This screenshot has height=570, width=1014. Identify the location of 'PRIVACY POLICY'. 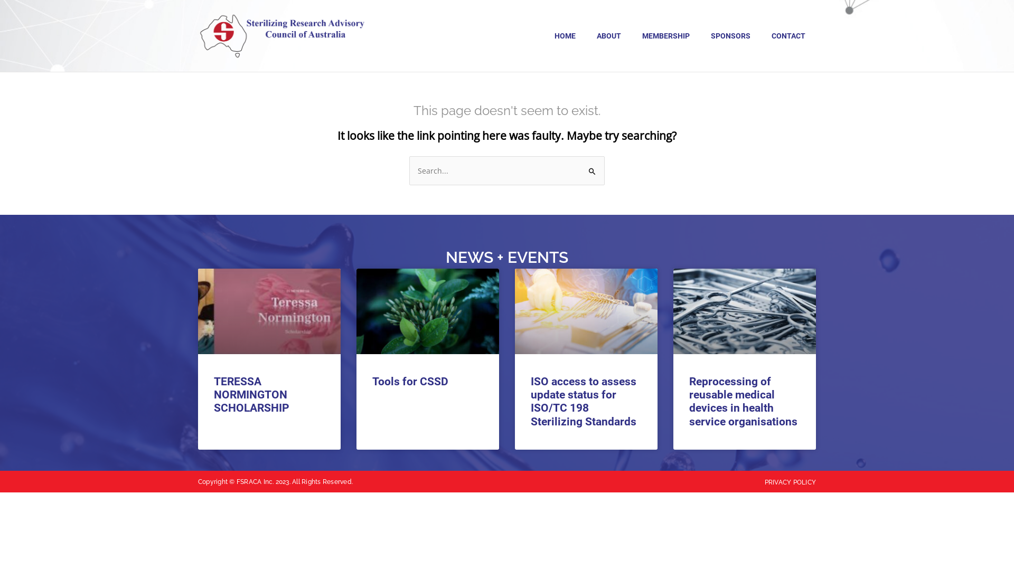
(765, 482).